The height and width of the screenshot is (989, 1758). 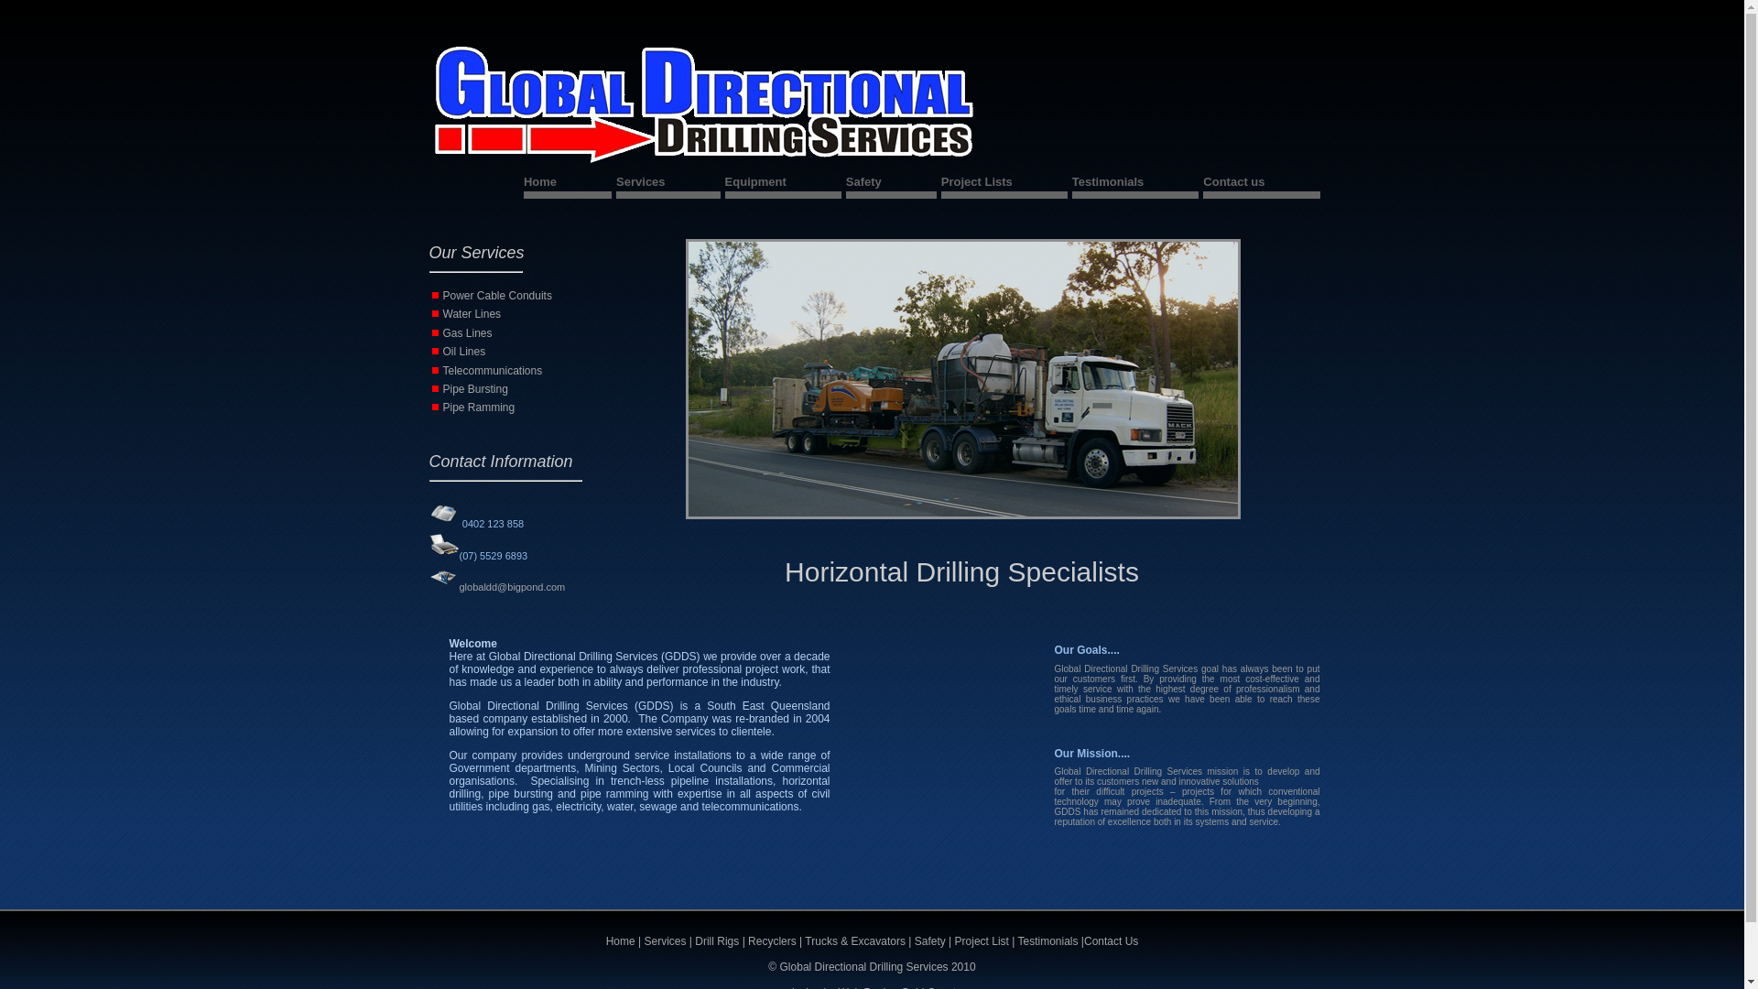 What do you see at coordinates (717, 941) in the screenshot?
I see `'Drill Rigs'` at bounding box center [717, 941].